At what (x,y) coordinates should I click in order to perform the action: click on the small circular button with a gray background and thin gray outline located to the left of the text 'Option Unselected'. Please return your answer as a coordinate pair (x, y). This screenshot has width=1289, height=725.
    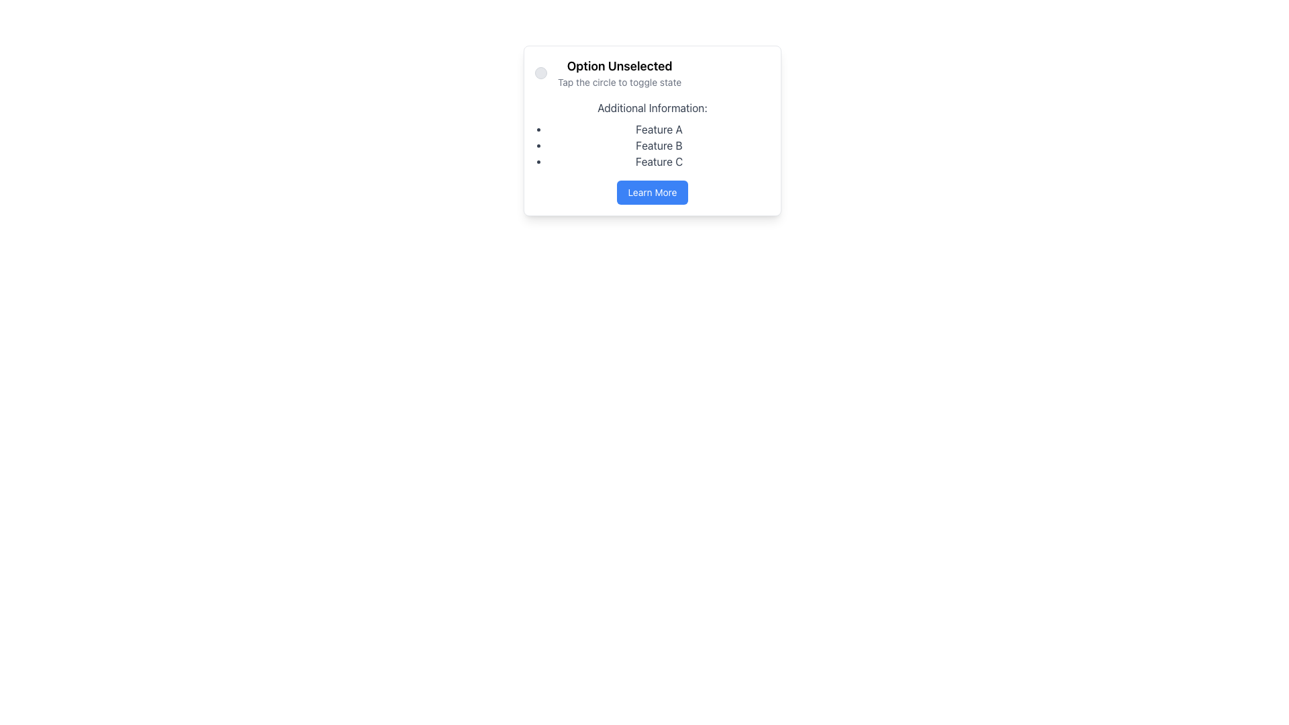
    Looking at the image, I should click on (541, 72).